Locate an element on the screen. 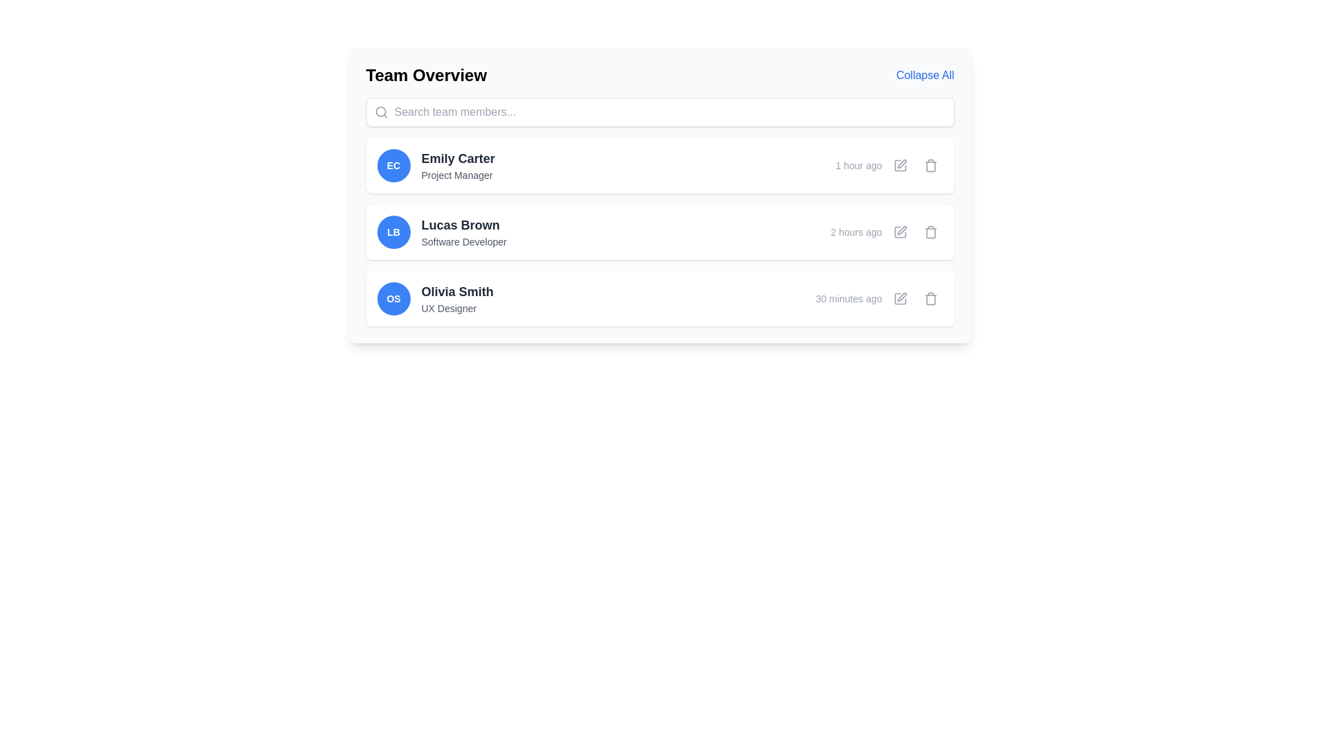 The image size is (1332, 749). the pen icon located to the right of 'Lucas Brown' in the 'Team Overview' list, which is the second row of users is located at coordinates (902, 230).